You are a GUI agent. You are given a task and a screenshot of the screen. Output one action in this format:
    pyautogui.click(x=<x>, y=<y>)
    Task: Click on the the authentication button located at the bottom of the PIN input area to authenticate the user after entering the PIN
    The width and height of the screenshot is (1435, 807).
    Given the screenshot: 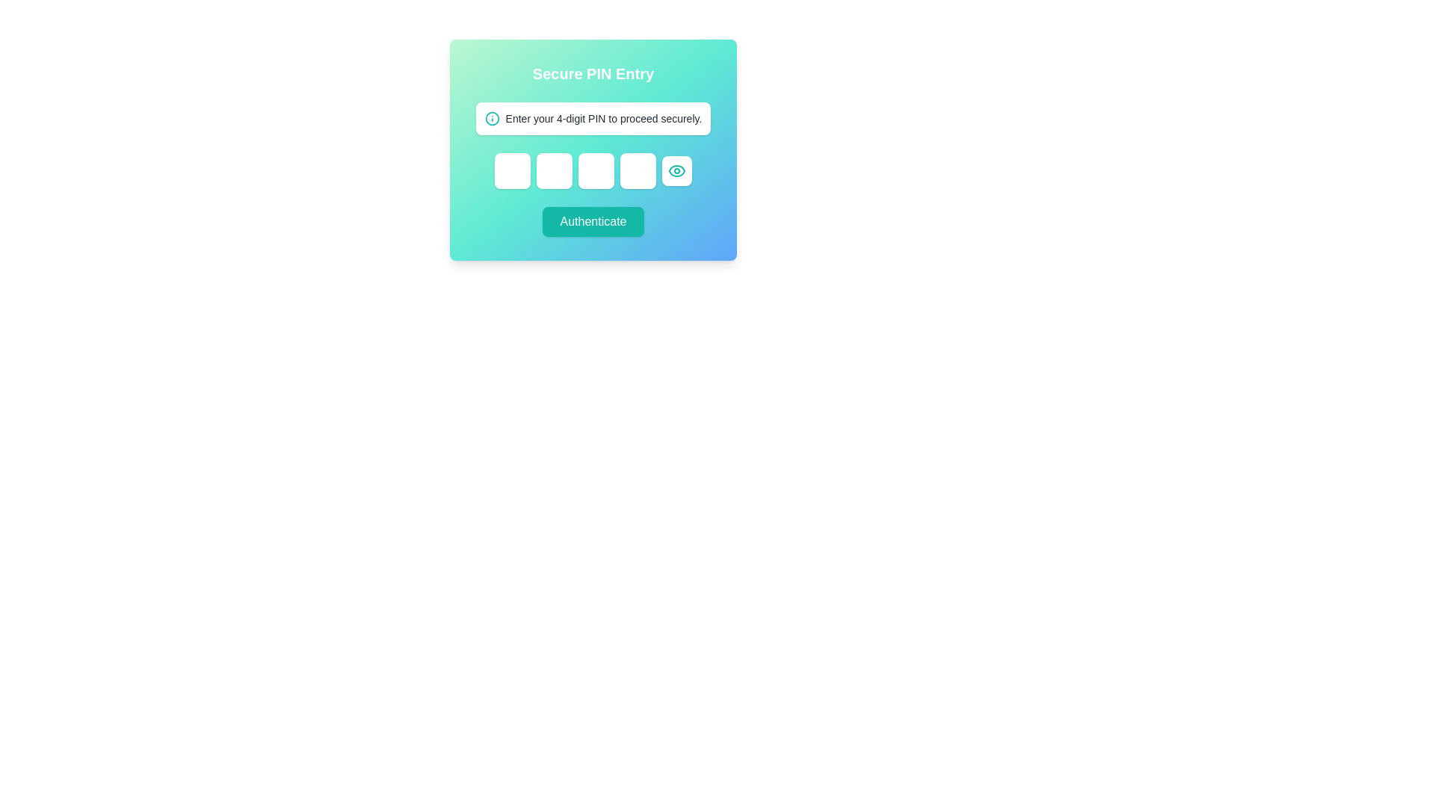 What is the action you would take?
    pyautogui.click(x=592, y=222)
    